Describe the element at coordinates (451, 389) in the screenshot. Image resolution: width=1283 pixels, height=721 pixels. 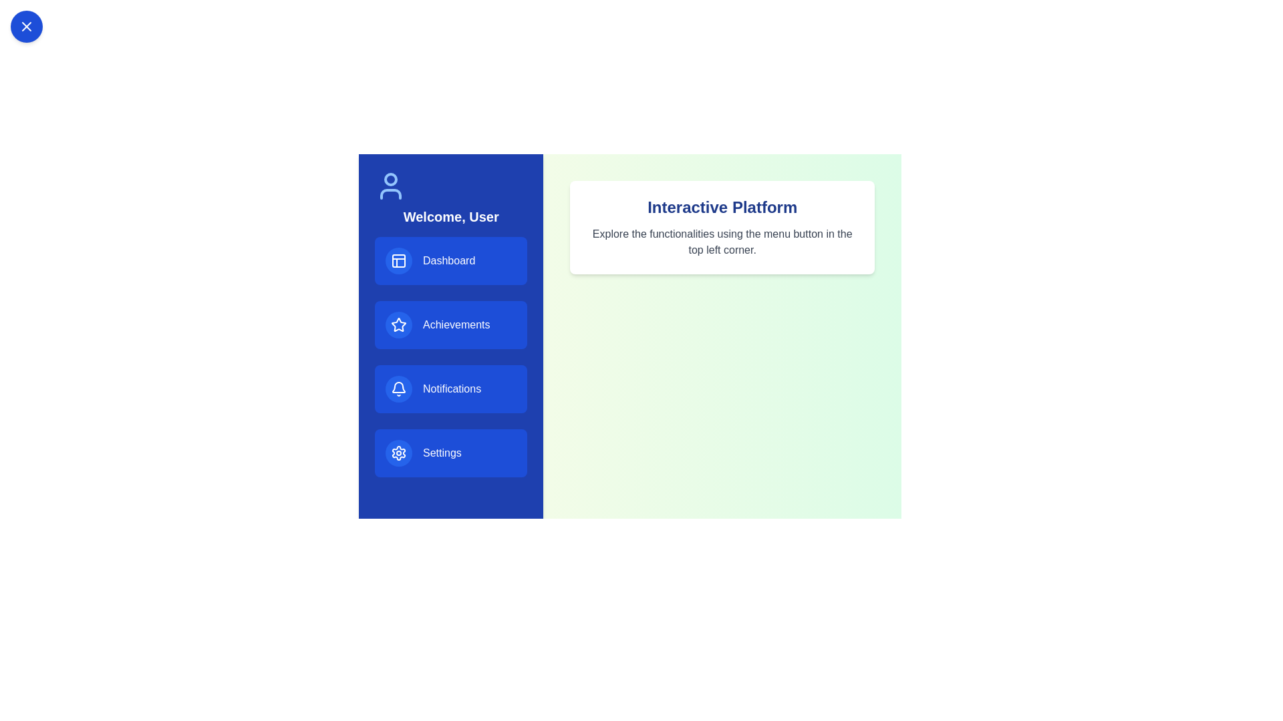
I see `the menu item labeled Notifications from the sidebar` at that location.